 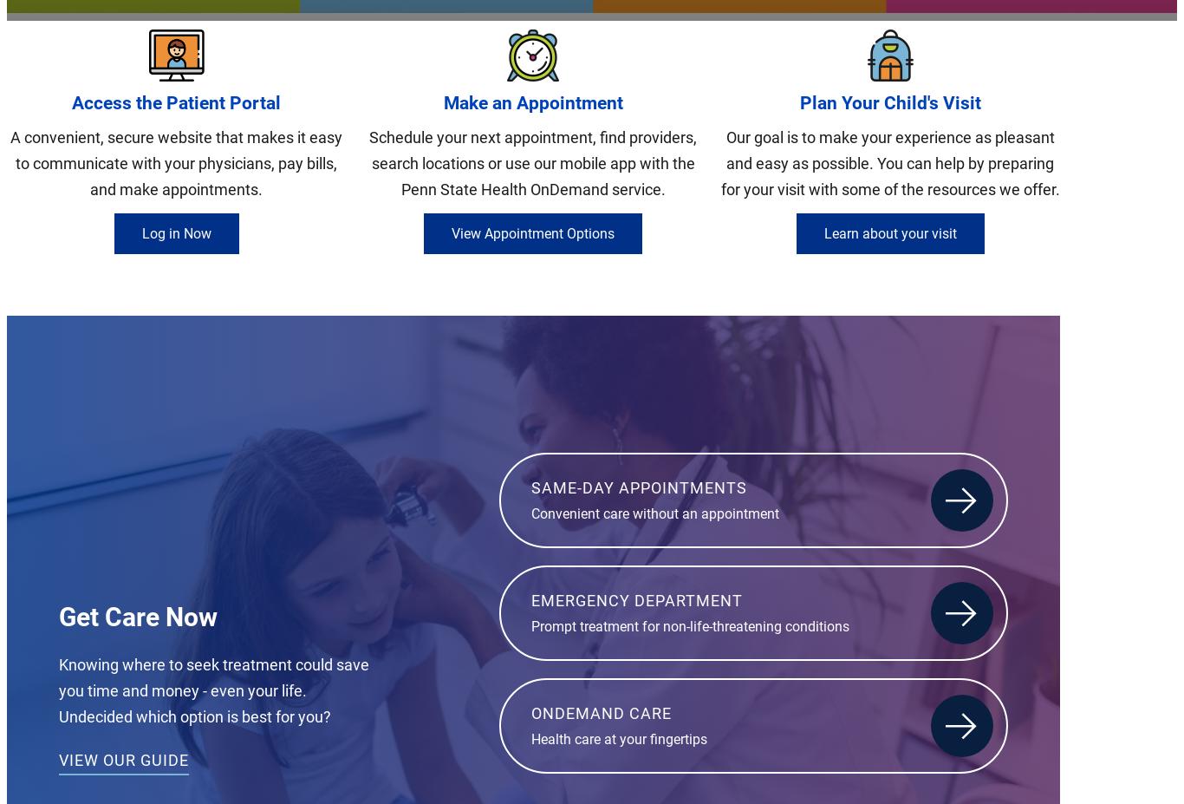 I want to click on 'Plan Your Child's Visit', so click(x=888, y=101).